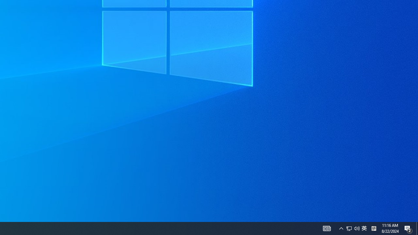  Describe the element at coordinates (341, 228) in the screenshot. I see `'Notification Chevron'` at that location.